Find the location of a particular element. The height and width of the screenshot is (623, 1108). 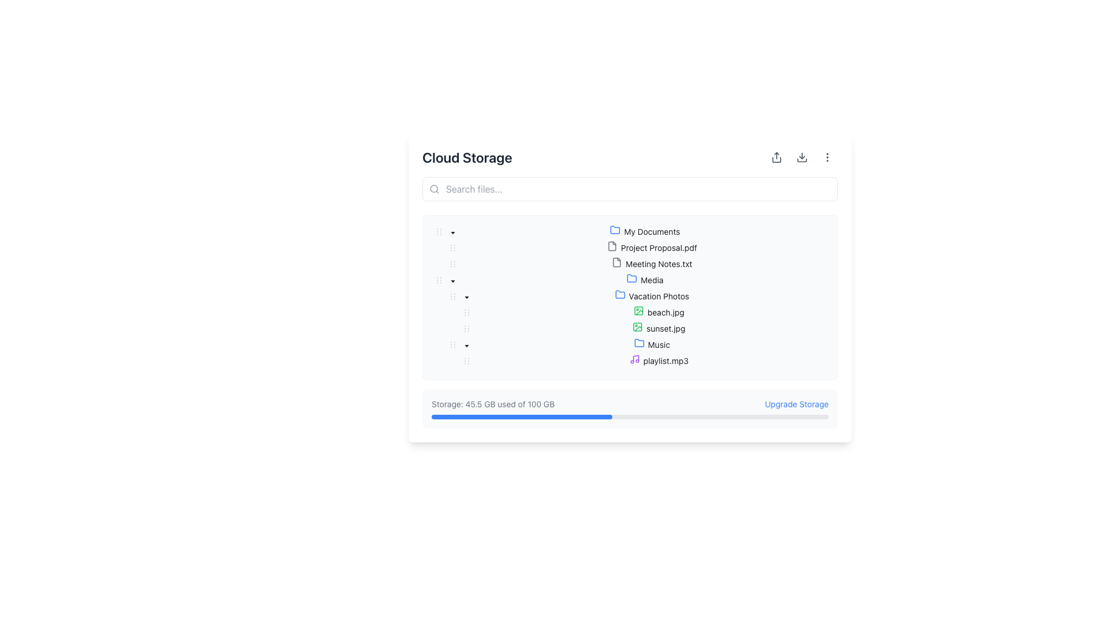

the input field associated with the magnifying glass icon located on the left side of the search bar is located at coordinates (434, 188).